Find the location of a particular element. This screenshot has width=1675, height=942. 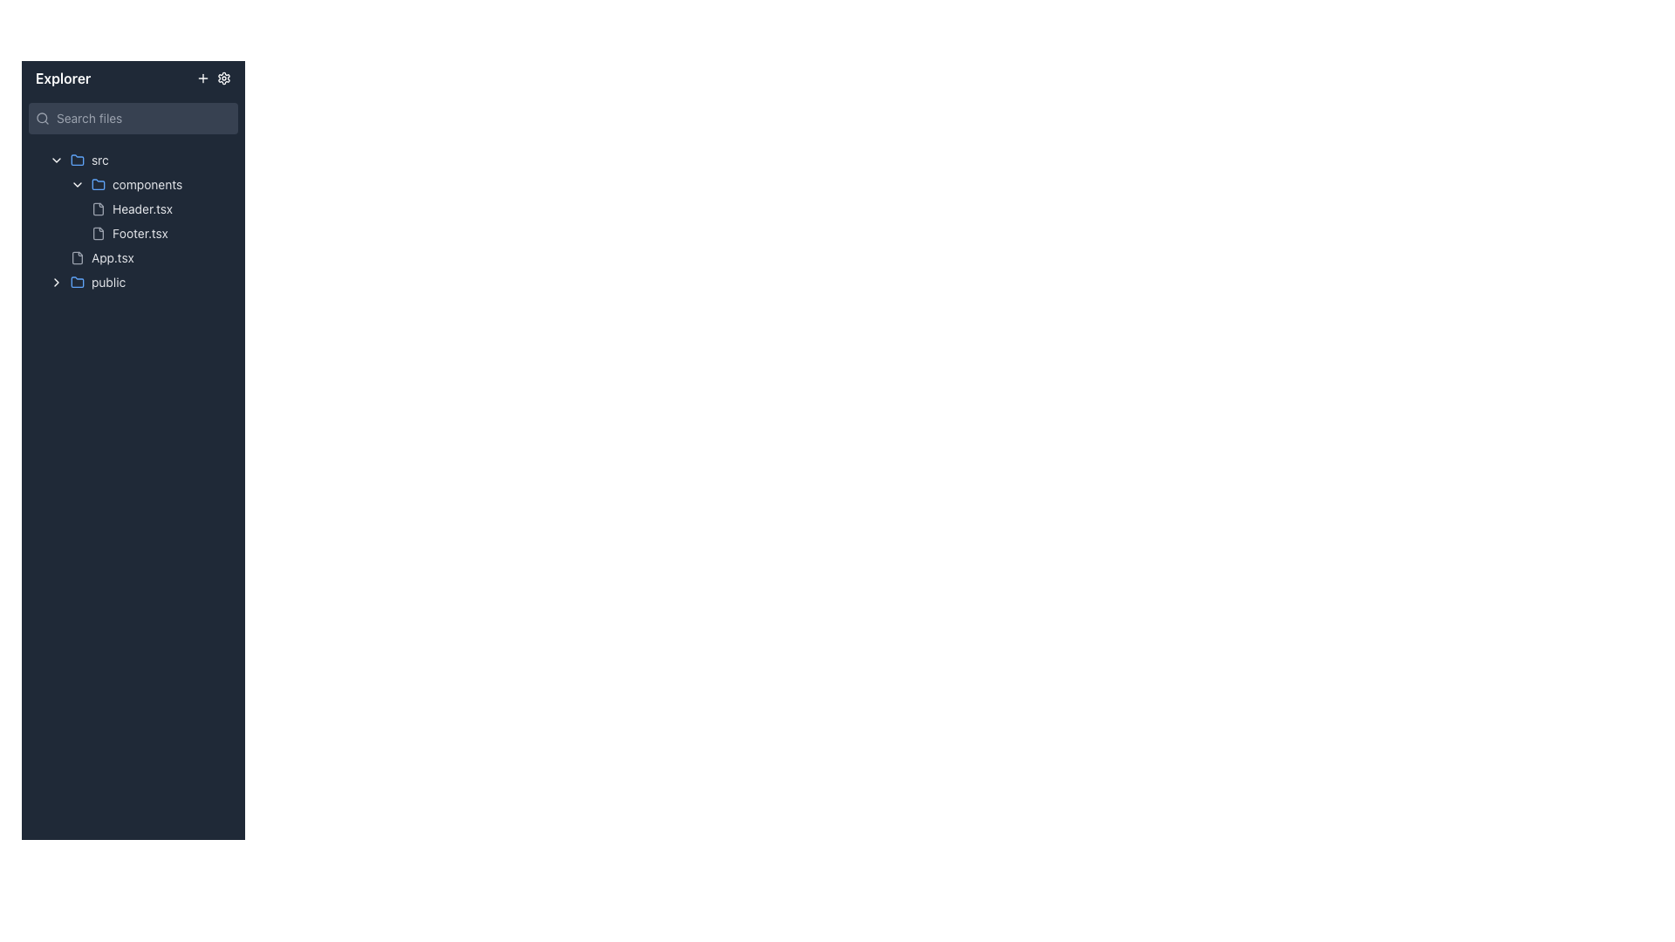

the 'components' text label in the navigation structure is located at coordinates (147, 185).